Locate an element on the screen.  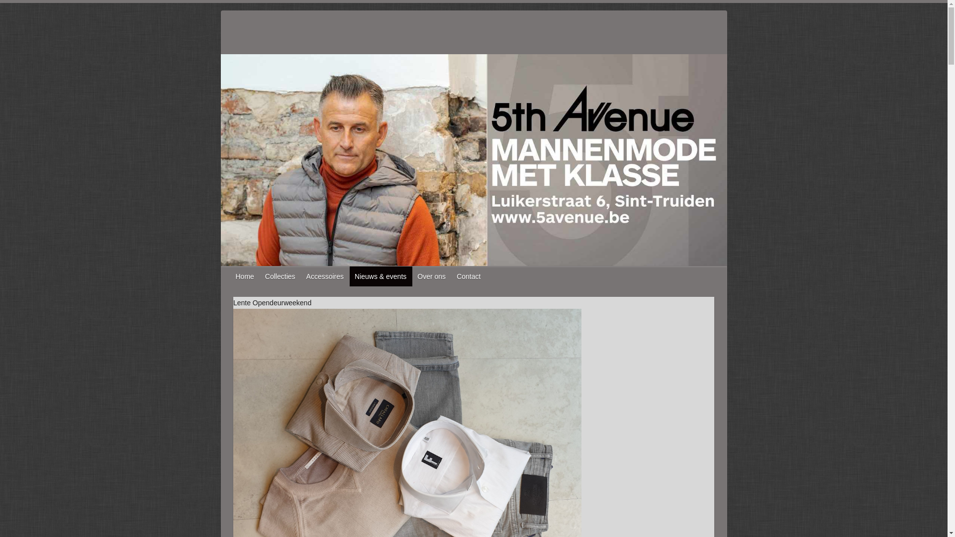
'Nieuws & events' is located at coordinates (381, 276).